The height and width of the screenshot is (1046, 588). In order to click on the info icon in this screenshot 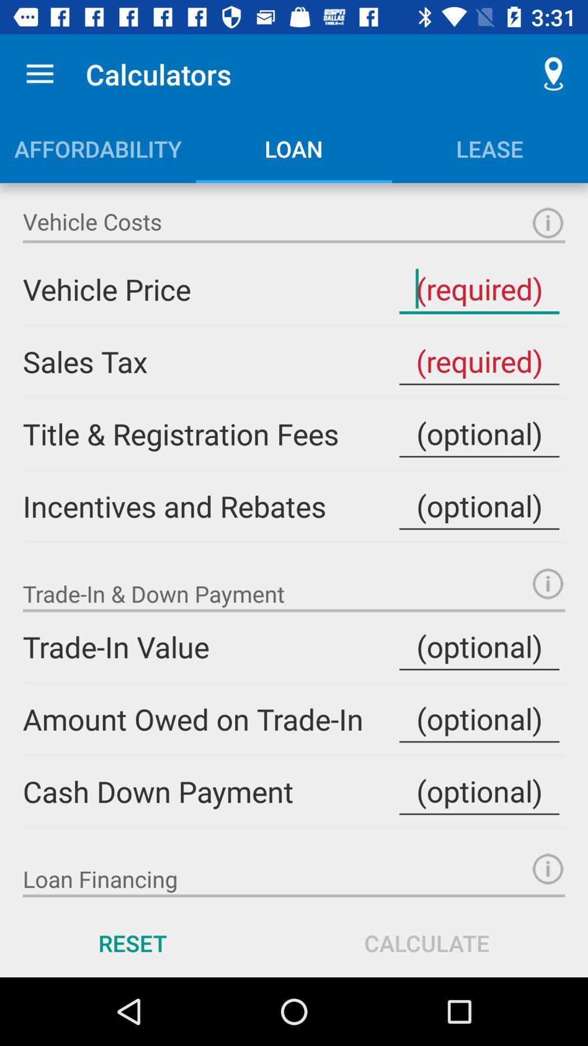, I will do `click(548, 222)`.